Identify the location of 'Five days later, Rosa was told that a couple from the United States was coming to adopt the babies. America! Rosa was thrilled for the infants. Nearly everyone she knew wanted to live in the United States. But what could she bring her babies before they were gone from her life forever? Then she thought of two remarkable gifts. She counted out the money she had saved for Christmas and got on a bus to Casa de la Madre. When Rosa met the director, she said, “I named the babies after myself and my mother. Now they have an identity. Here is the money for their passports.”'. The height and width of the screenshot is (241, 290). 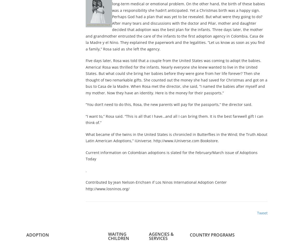
(85, 76).